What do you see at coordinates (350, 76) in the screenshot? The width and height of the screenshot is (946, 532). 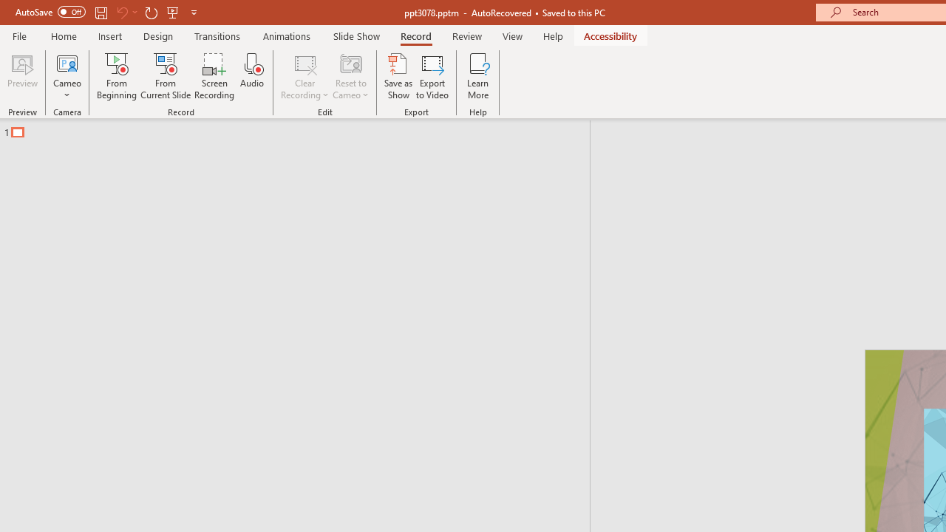 I see `'Reset to Cameo'` at bounding box center [350, 76].